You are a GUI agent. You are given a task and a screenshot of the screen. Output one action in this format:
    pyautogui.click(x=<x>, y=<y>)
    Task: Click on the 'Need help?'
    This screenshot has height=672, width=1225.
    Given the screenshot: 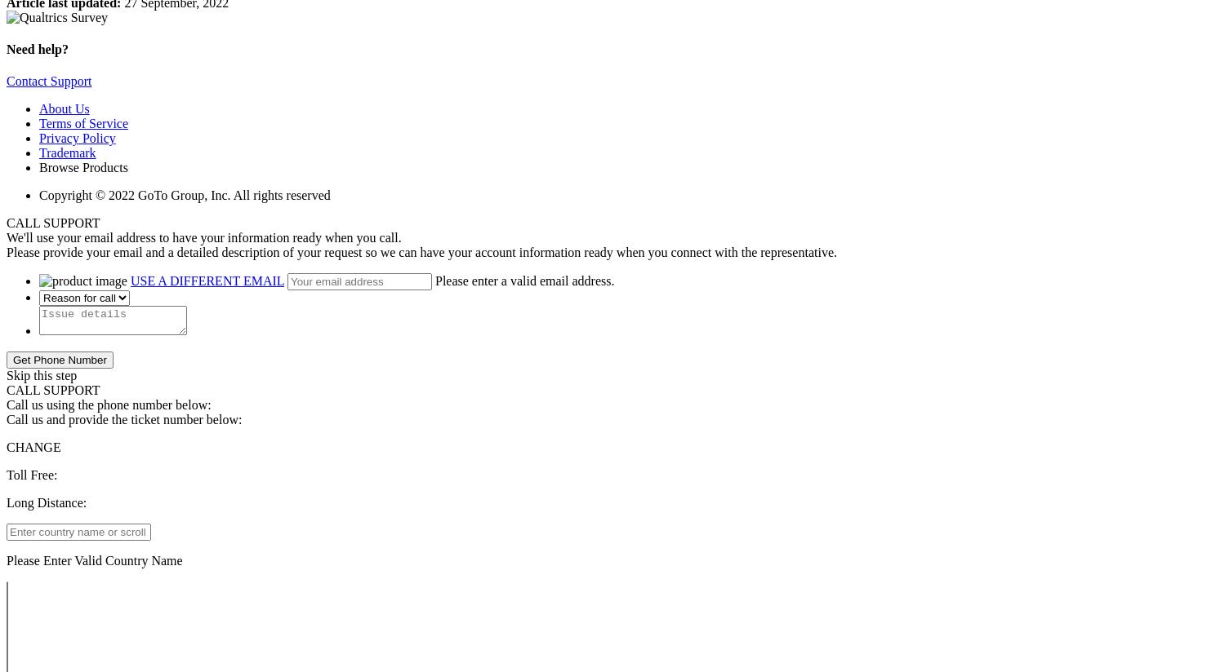 What is the action you would take?
    pyautogui.click(x=38, y=49)
    